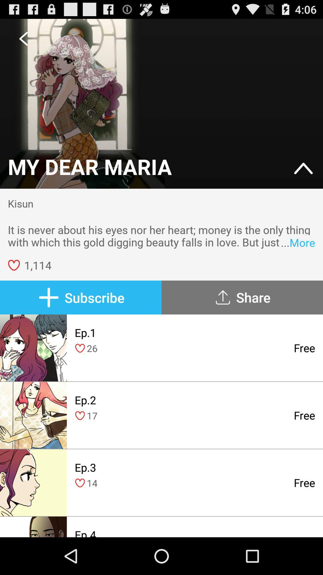 Image resolution: width=323 pixels, height=575 pixels. I want to click on the icon to the right of the subscribe, so click(242, 297).